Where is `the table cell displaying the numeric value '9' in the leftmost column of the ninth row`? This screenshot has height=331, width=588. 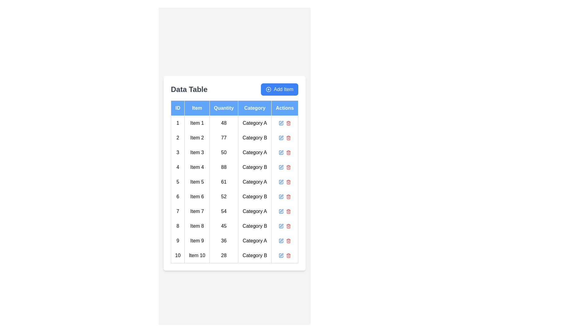
the table cell displaying the numeric value '9' in the leftmost column of the ninth row is located at coordinates (177, 240).